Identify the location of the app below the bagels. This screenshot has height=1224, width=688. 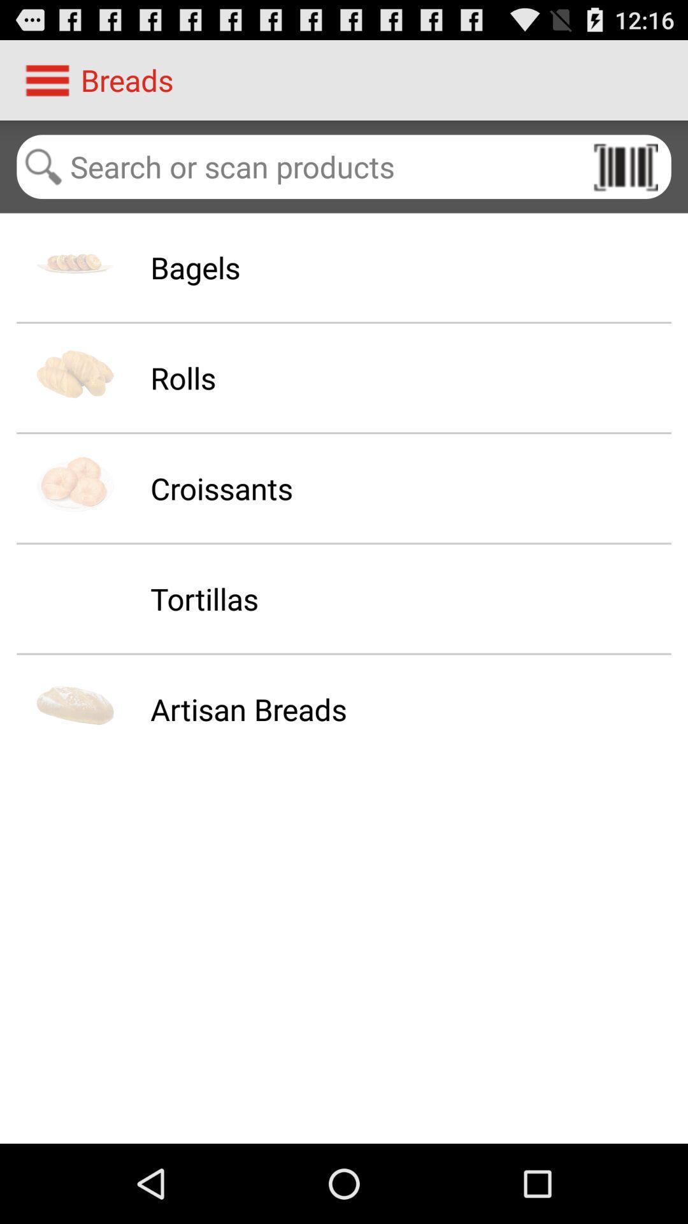
(183, 377).